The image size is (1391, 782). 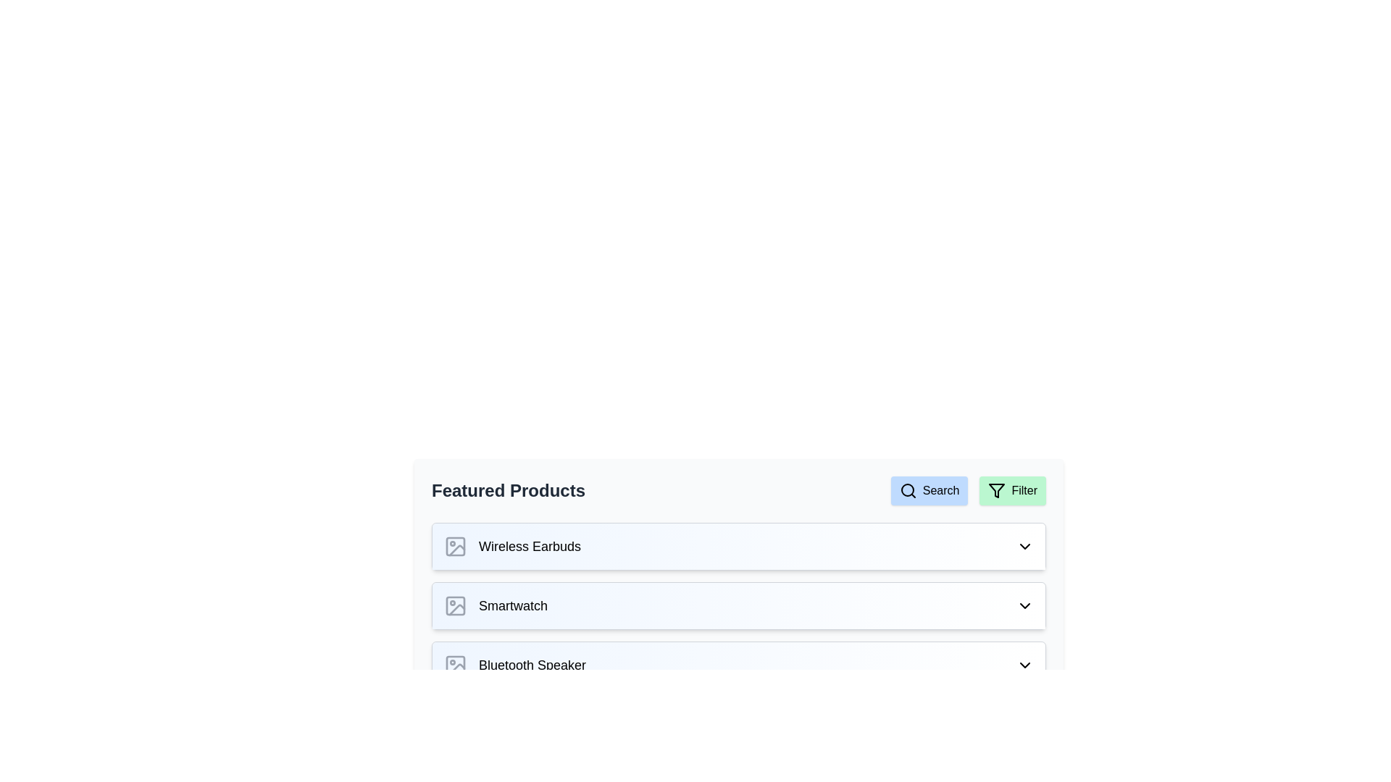 I want to click on the downward chevron icon located in the rightmost section of the 'Bluetooth Speaker' item, so click(x=1024, y=665).